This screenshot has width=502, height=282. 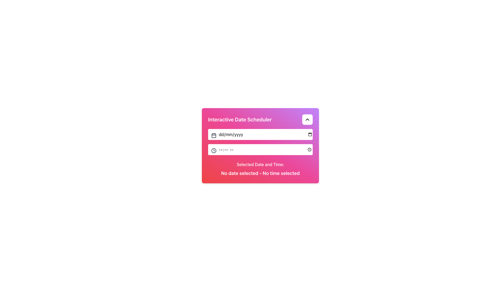 What do you see at coordinates (307, 120) in the screenshot?
I see `the square button with a white background and black text/icon, which features an upward-facing chevron icon, located at the right end of the header of the 'Interactive Date Scheduler' widget to minimize or collapse the section` at bounding box center [307, 120].